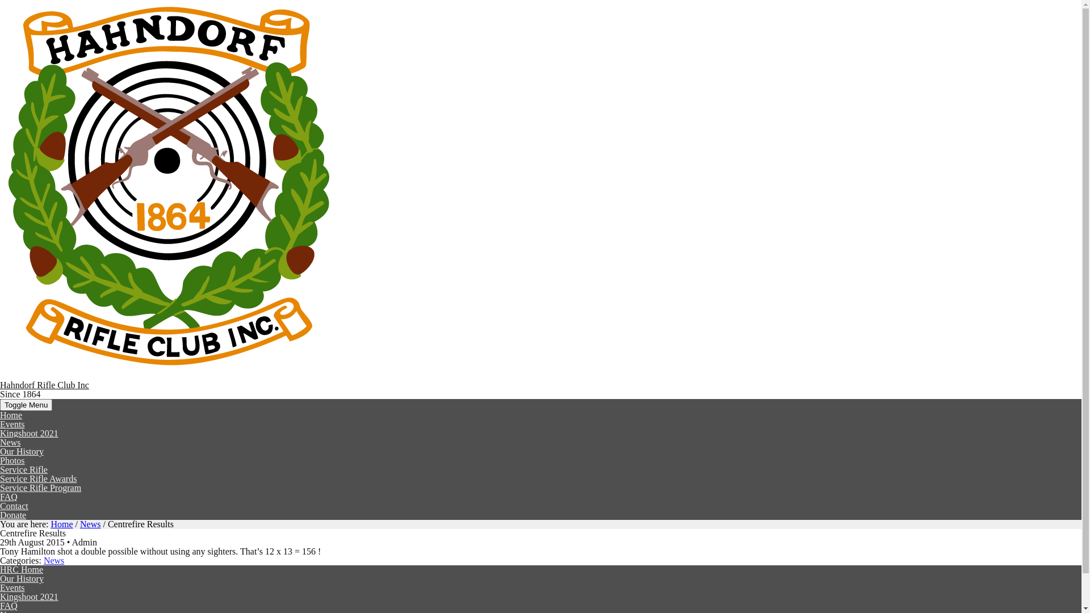 Image resolution: width=1090 pixels, height=613 pixels. Describe the element at coordinates (22, 578) in the screenshot. I see `'Our History'` at that location.